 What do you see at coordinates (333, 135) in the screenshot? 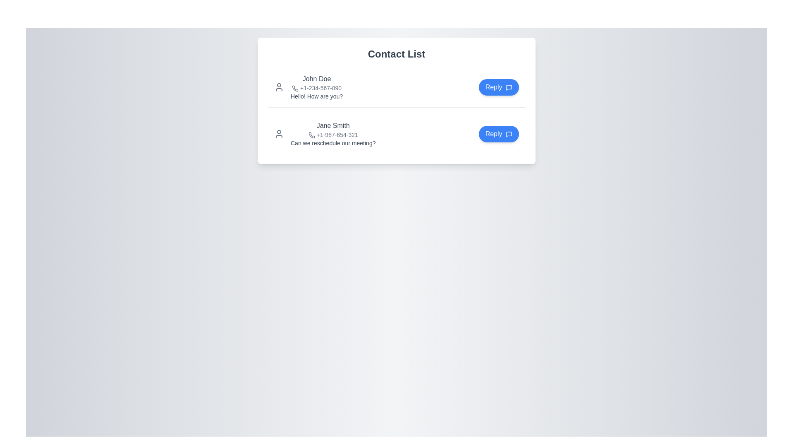
I see `the phone number displayed next to 'Jane Smith' to initiate a call` at bounding box center [333, 135].